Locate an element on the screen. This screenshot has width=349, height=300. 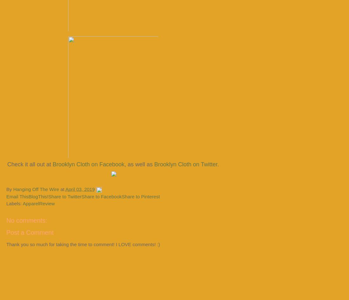
'No comments:' is located at coordinates (27, 220).